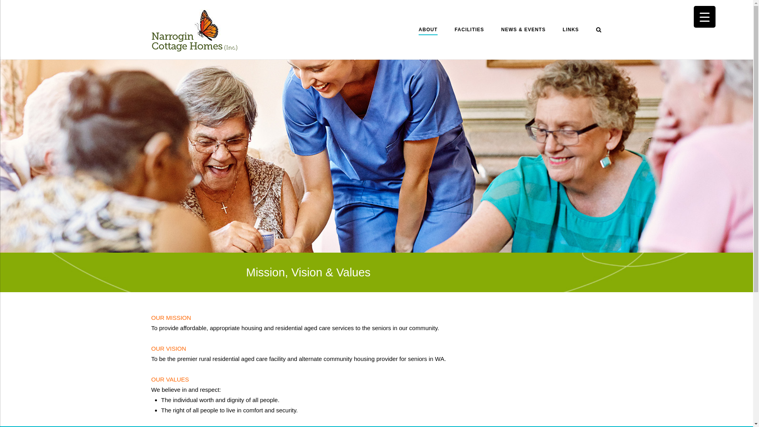  Describe the element at coordinates (570, 30) in the screenshot. I see `'LINKS'` at that location.